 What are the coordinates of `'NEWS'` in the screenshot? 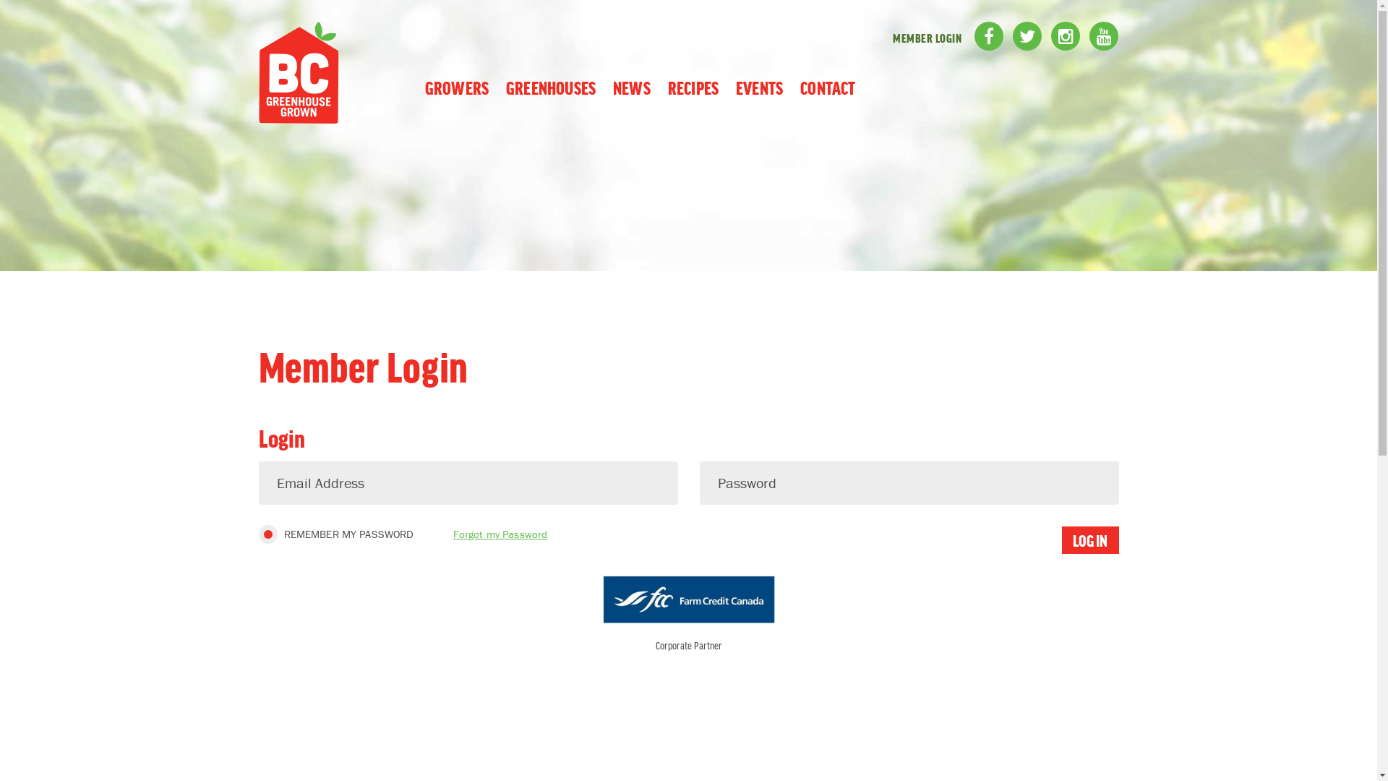 It's located at (631, 87).